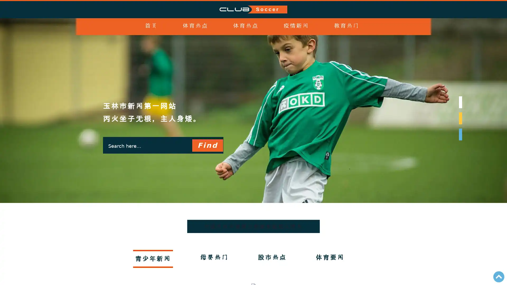  Describe the element at coordinates (207, 155) in the screenshot. I see `Find` at that location.